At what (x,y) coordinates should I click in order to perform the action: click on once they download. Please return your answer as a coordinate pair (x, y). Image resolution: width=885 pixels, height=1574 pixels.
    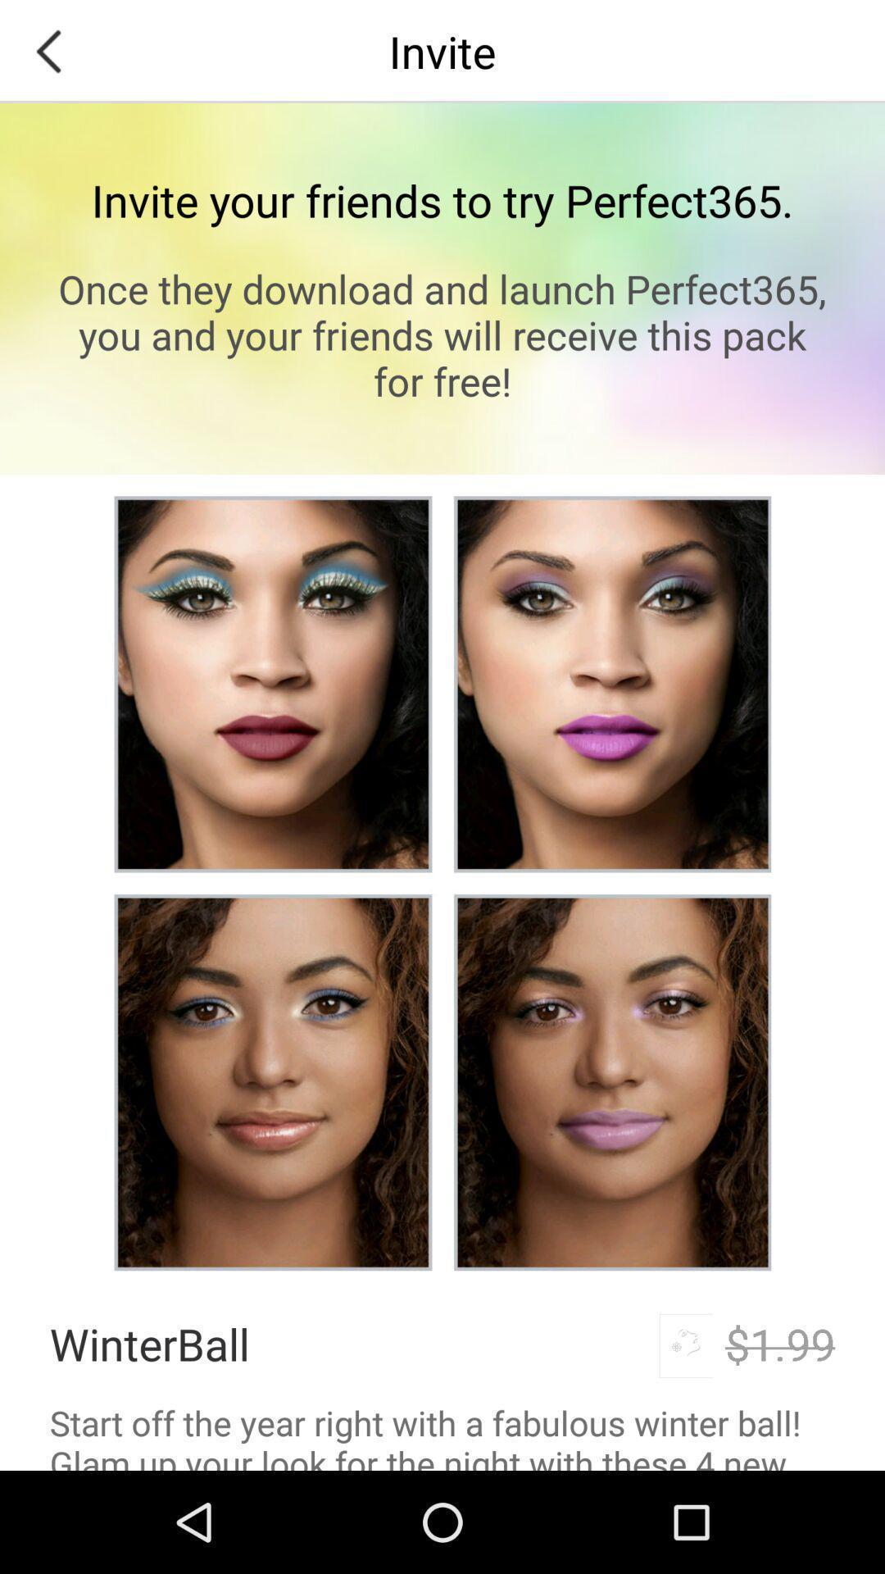
    Looking at the image, I should click on (442, 334).